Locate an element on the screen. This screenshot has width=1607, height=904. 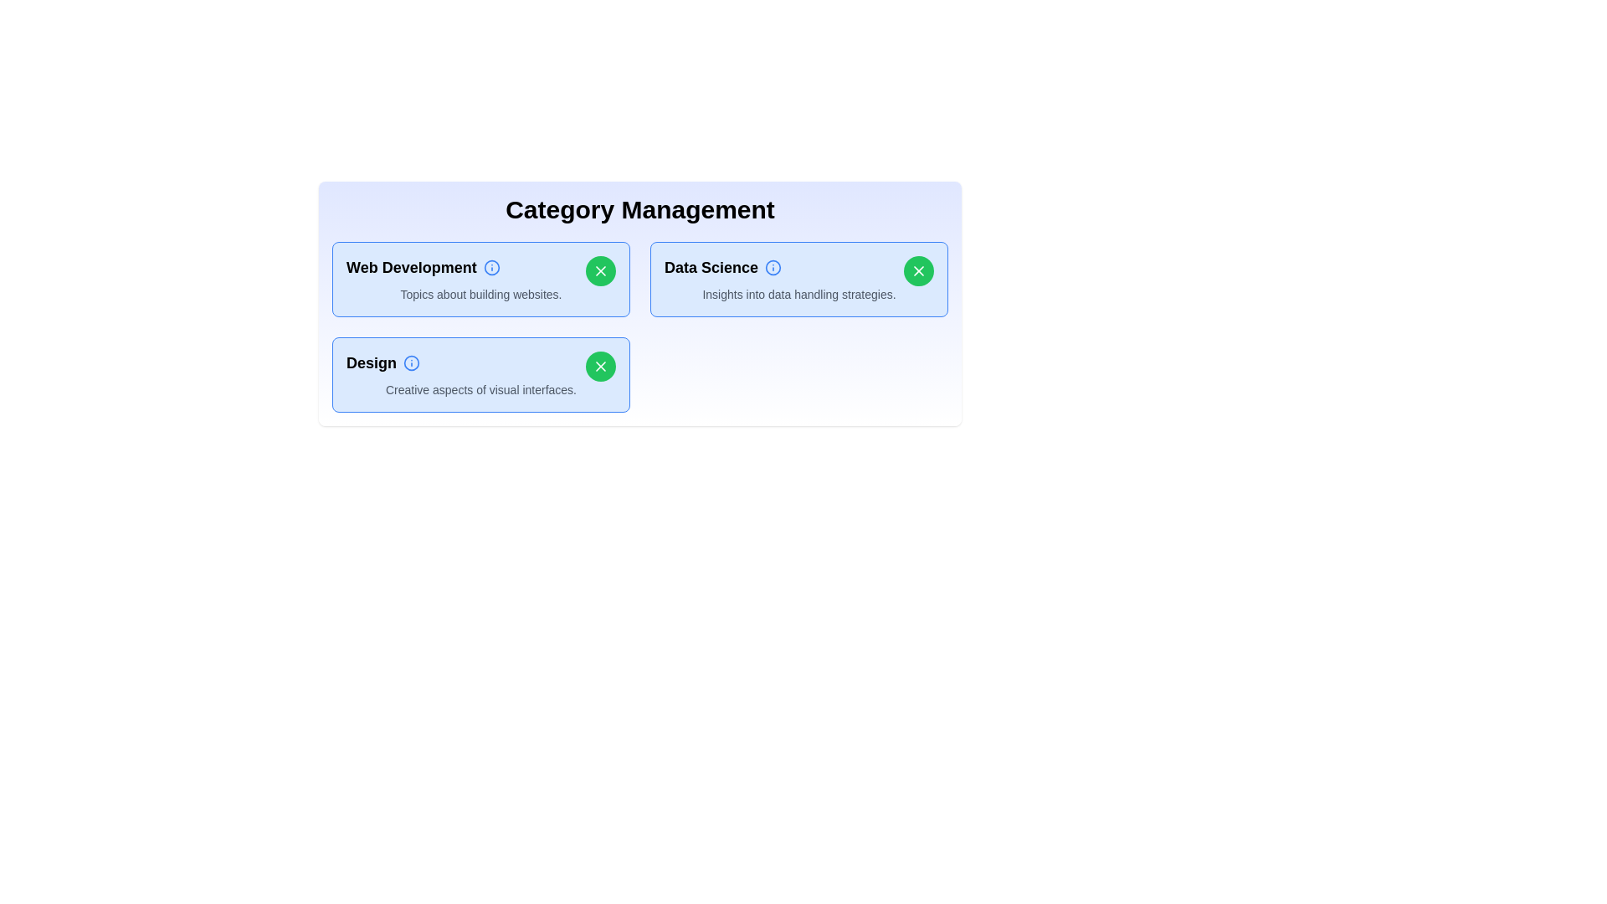
'X' button of the category named Design to toggle its selection status is located at coordinates (601, 366).